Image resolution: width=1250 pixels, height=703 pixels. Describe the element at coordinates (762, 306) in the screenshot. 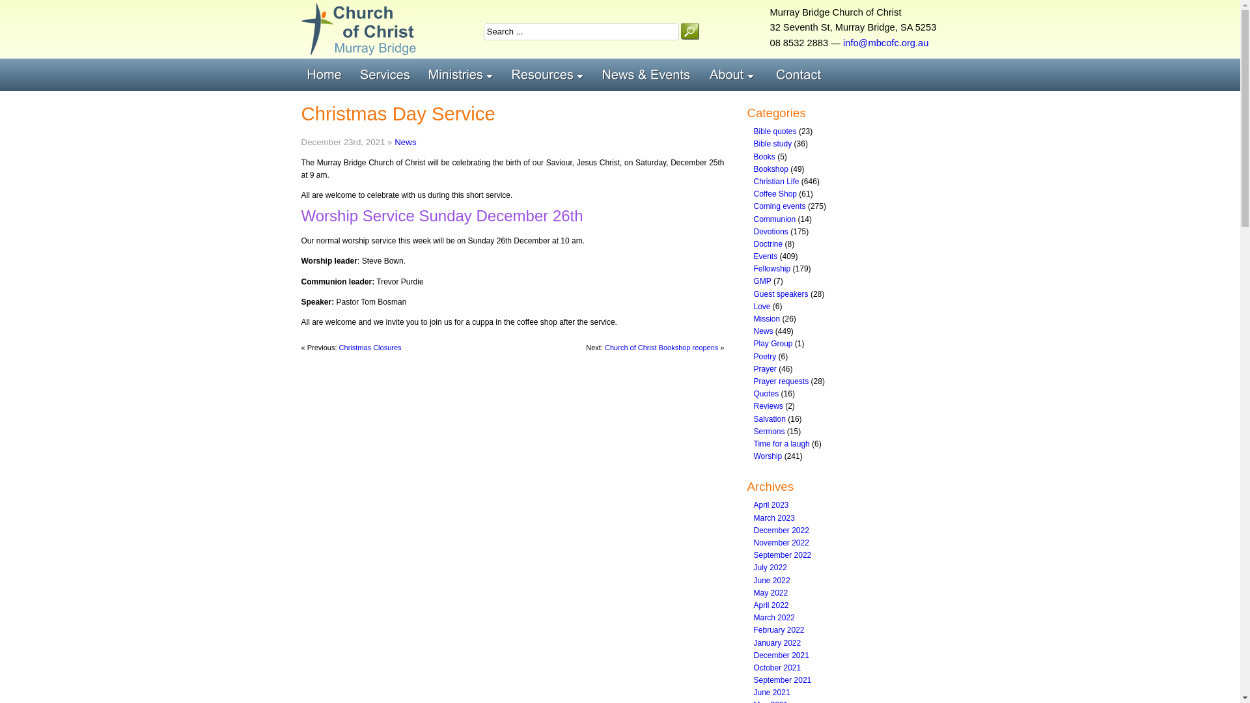

I see `'Love'` at that location.